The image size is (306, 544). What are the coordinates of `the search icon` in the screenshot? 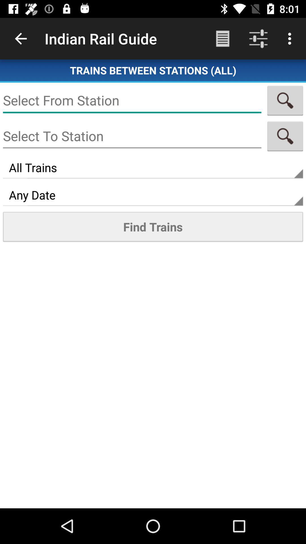 It's located at (285, 136).